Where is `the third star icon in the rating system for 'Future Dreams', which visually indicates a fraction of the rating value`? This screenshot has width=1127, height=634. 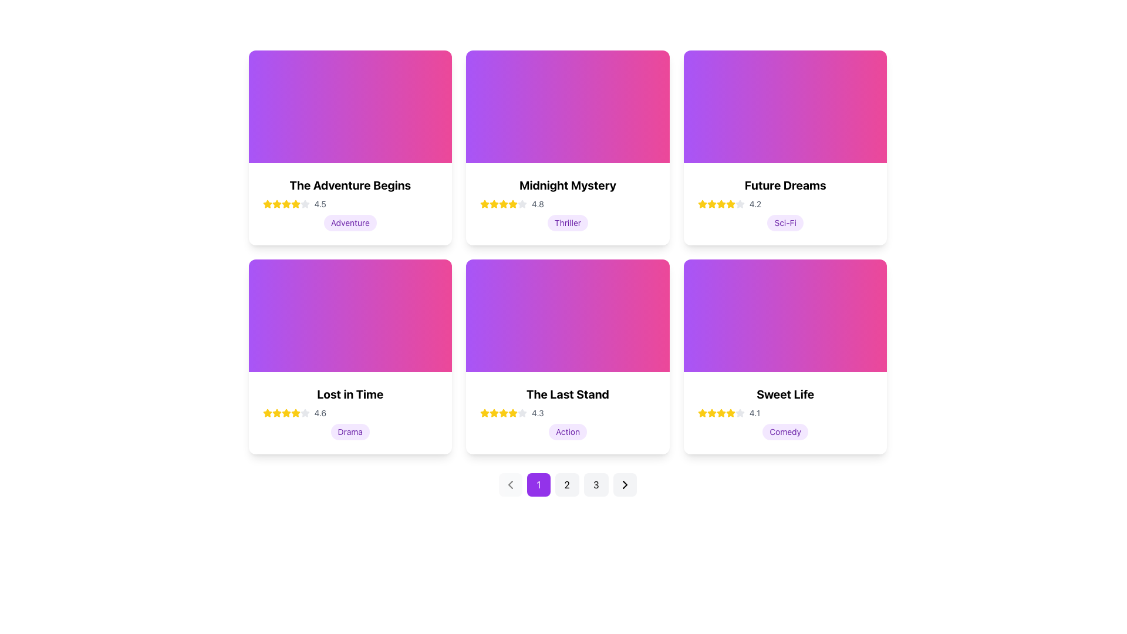
the third star icon in the rating system for 'Future Dreams', which visually indicates a fraction of the rating value is located at coordinates (730, 203).